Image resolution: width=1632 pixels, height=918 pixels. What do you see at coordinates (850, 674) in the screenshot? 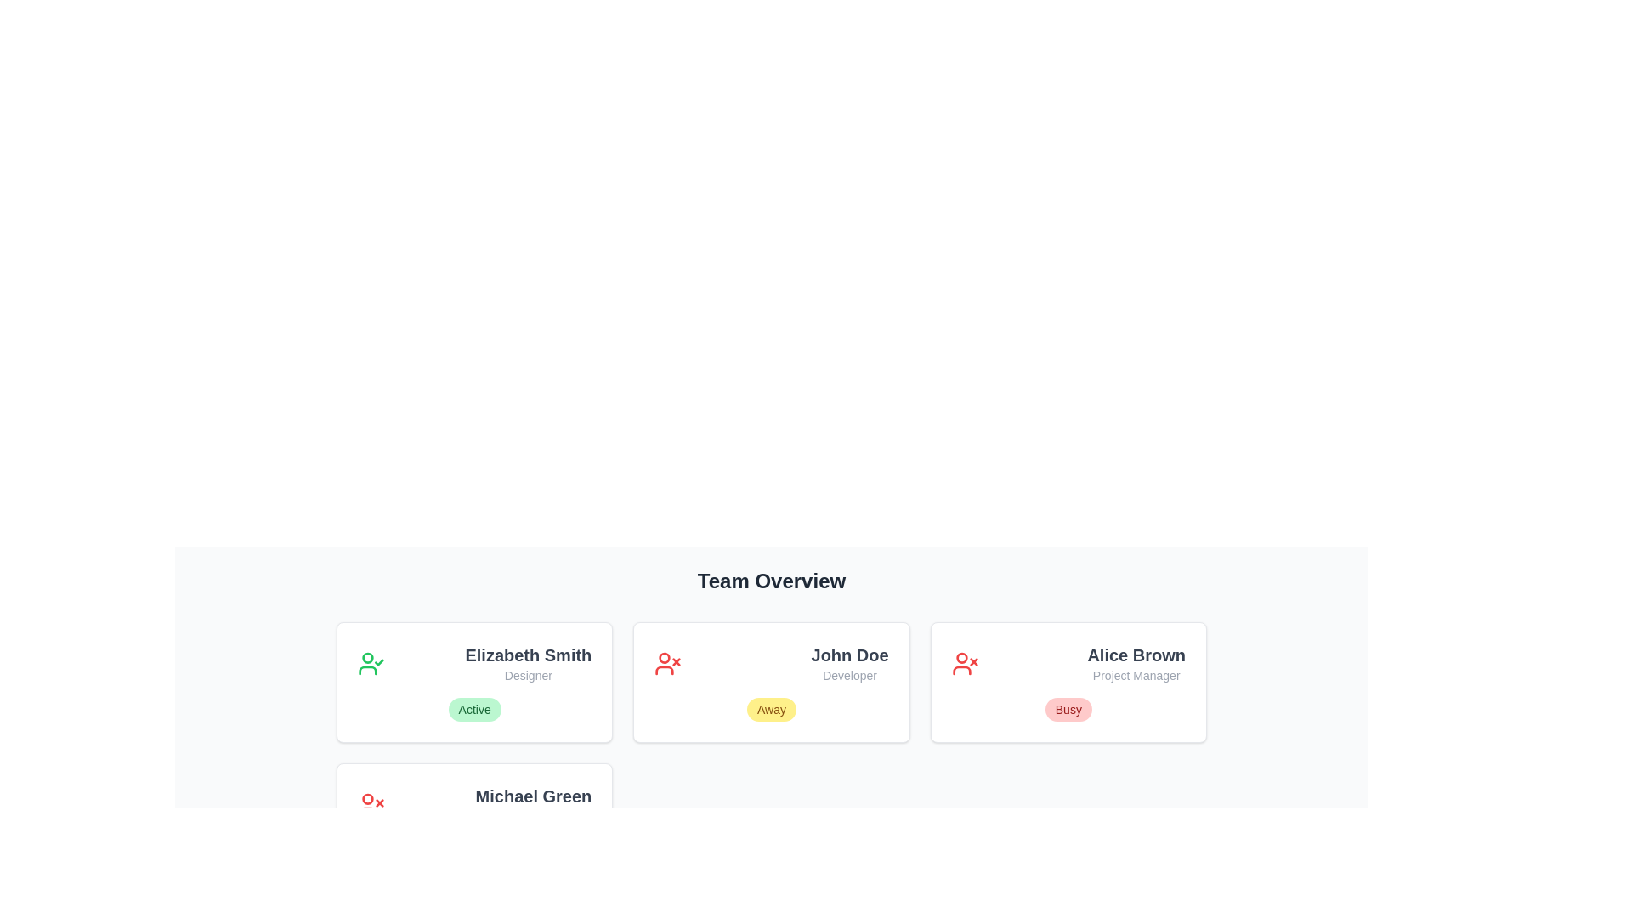
I see `the 'Developer' text label located below 'John Doe' in the profile card within the Team Overview layout` at bounding box center [850, 674].